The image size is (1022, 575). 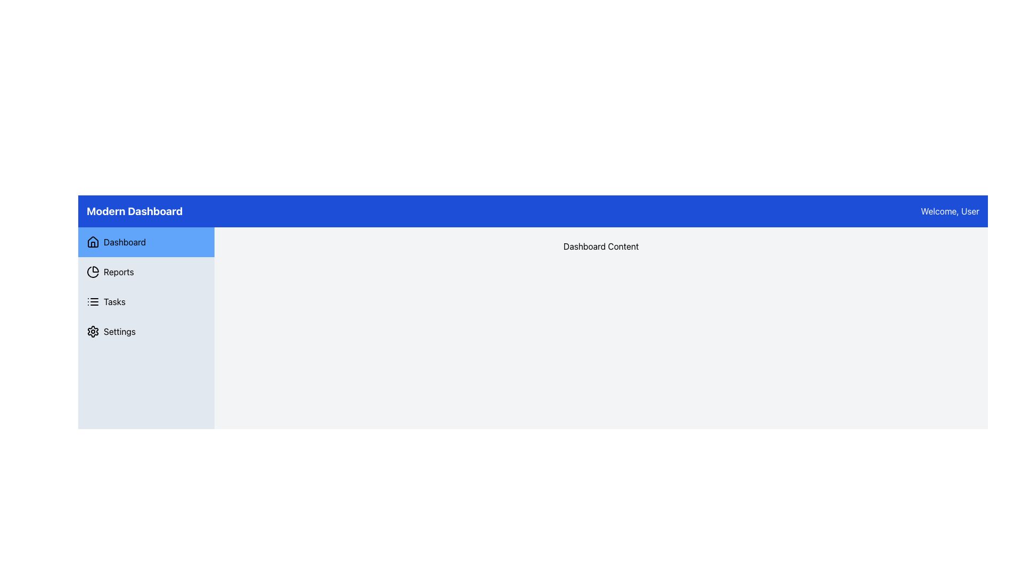 I want to click on the text label indicating the purpose of the menu item in the sidebar navigation, located to the right of the home icon, so click(x=125, y=242).